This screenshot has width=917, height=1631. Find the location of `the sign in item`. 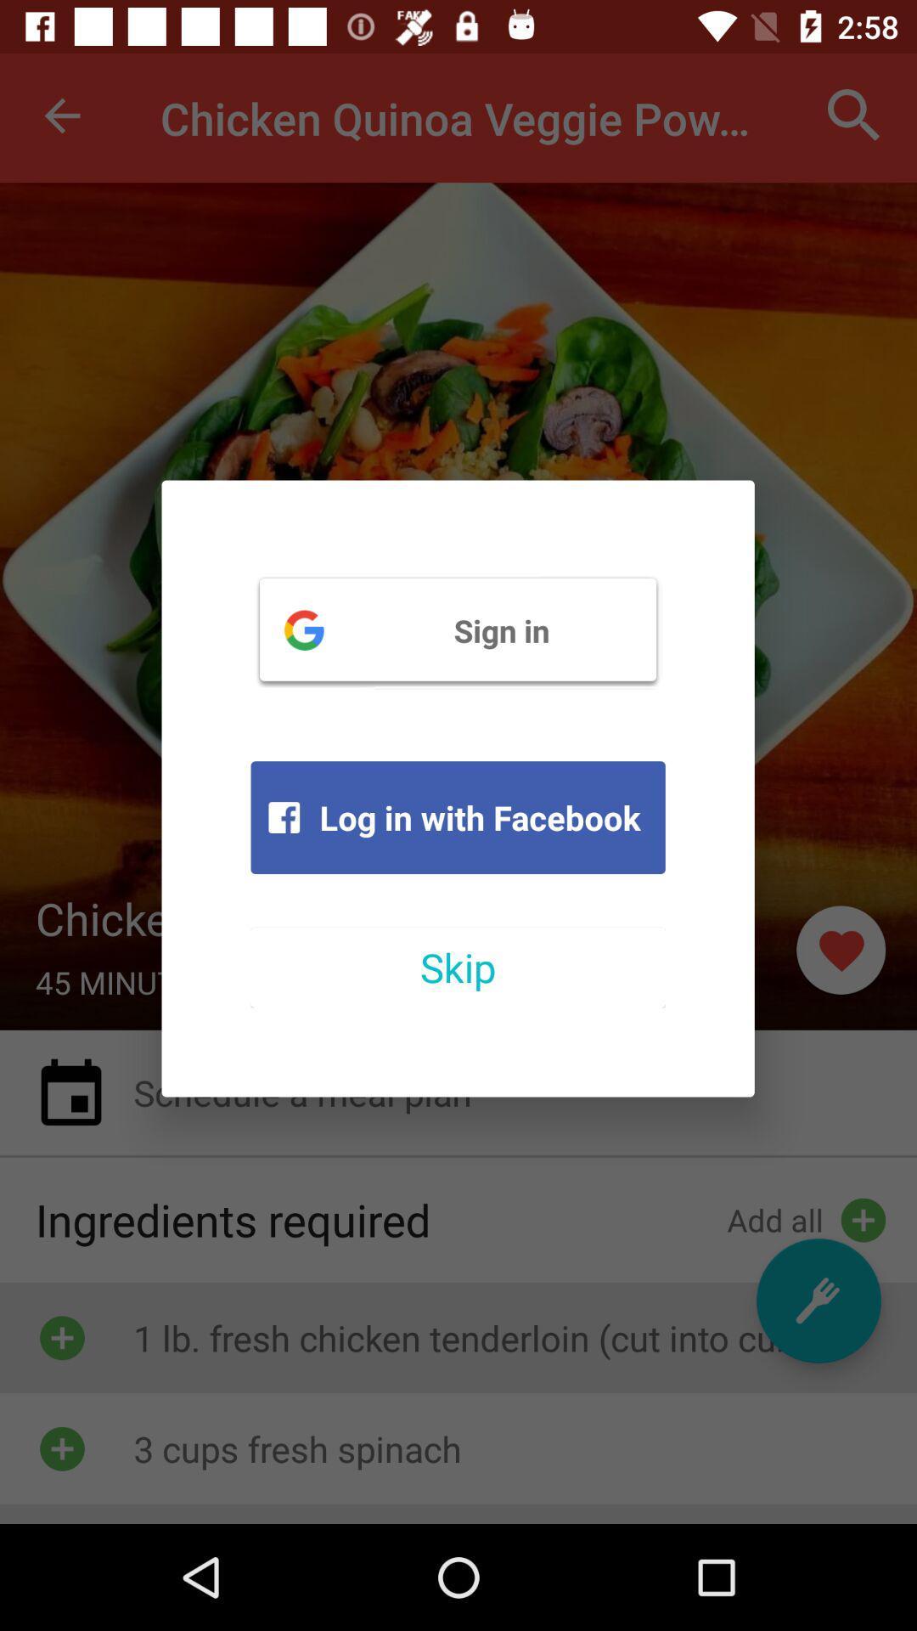

the sign in item is located at coordinates (457, 629).